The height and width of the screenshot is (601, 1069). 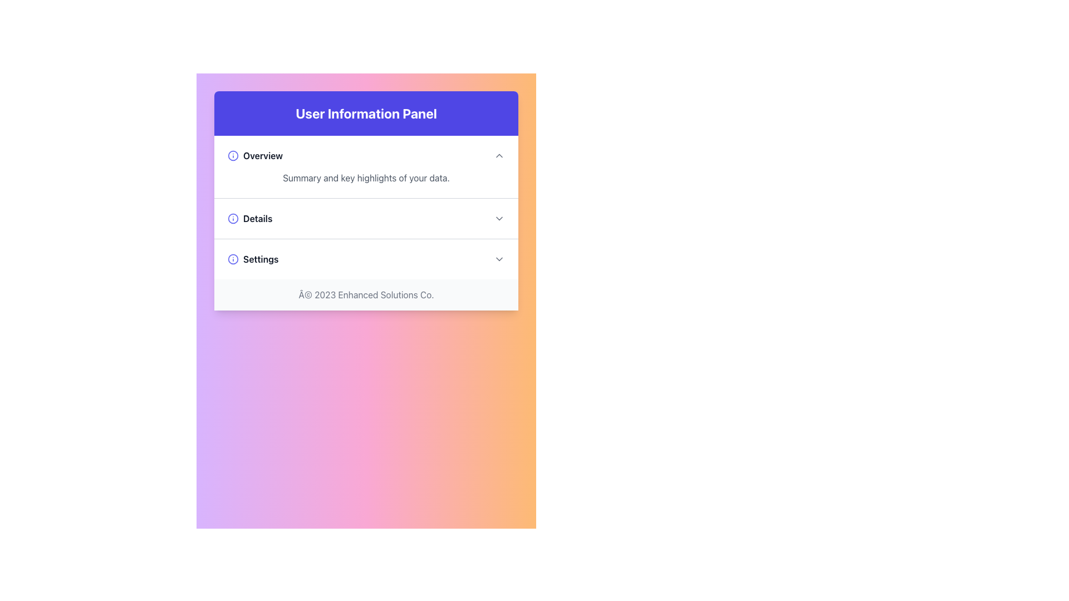 What do you see at coordinates (366, 219) in the screenshot?
I see `the Collapsible Section Header for 'Details' in the User Information Panel to navigate through the interface` at bounding box center [366, 219].